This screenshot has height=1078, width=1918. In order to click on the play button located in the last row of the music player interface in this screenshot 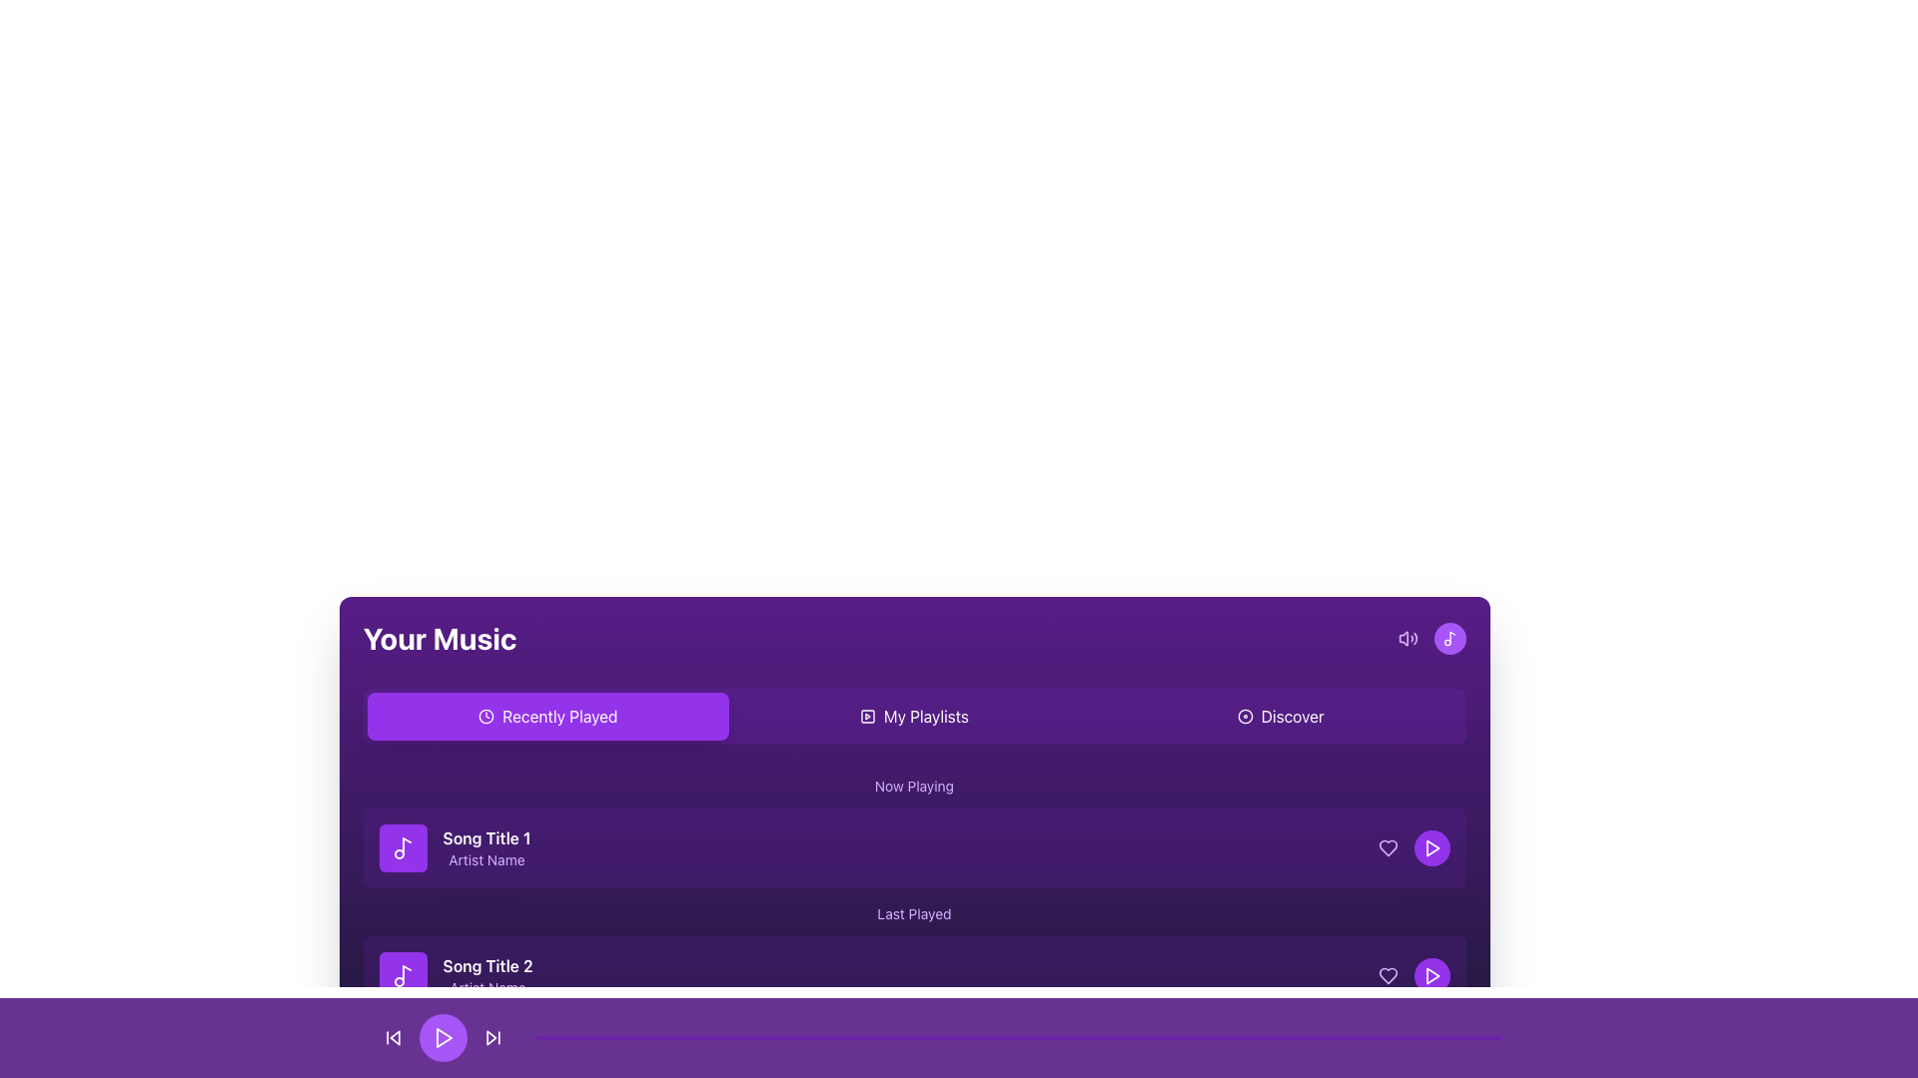, I will do `click(1431, 847)`.